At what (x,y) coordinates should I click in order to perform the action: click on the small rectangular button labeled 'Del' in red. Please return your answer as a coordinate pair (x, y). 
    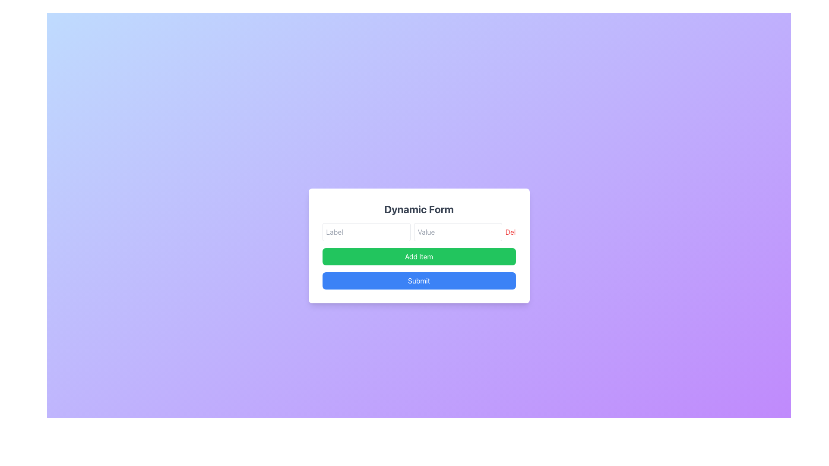
    Looking at the image, I should click on (510, 231).